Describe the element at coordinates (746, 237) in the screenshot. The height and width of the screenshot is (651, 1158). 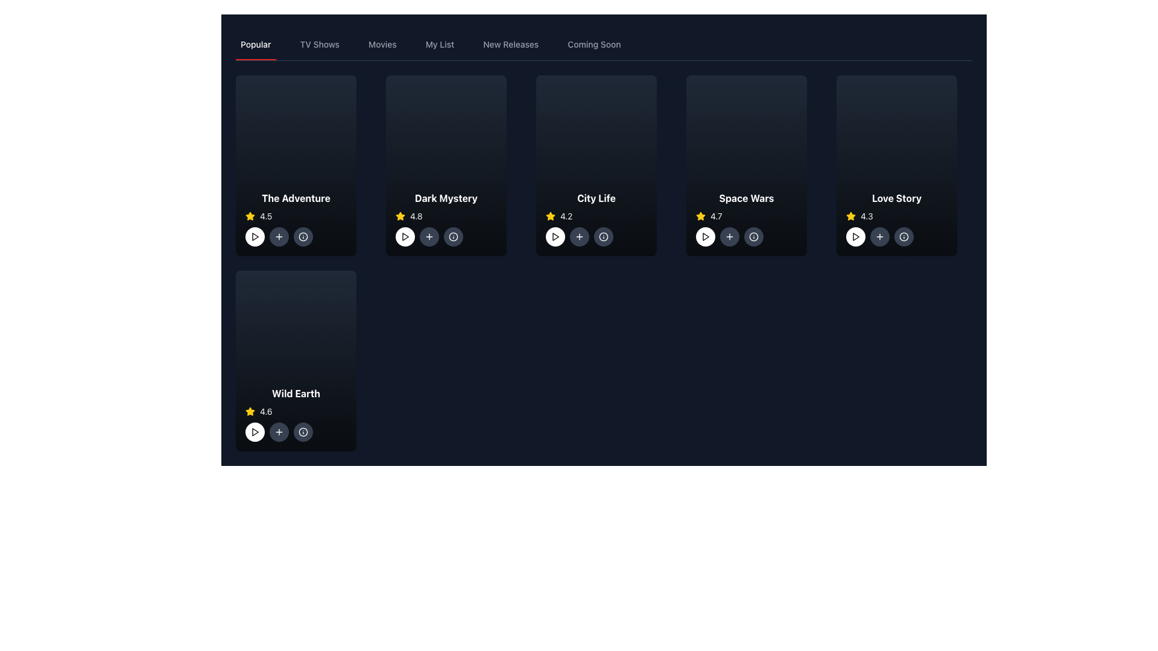
I see `the informational button located in the bottom section of the 'Space Wars' card, specifically the third button in a row of three buttons` at that location.